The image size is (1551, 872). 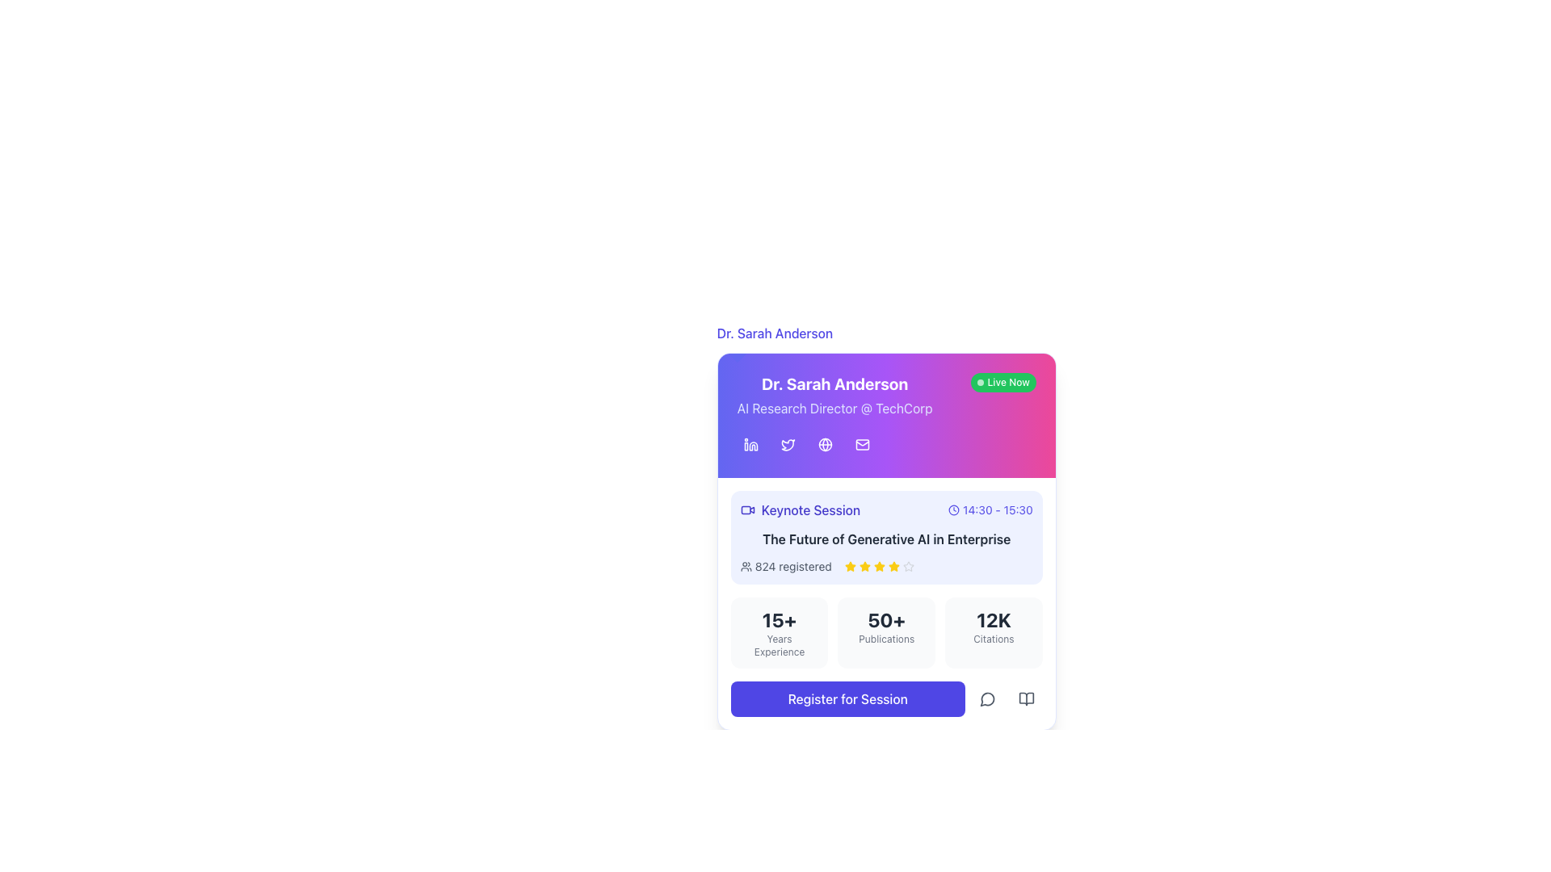 What do you see at coordinates (885, 638) in the screenshot?
I see `the 'Publications' label, which is a small-sized gray text located beneath the '50+' text within a light gray background` at bounding box center [885, 638].